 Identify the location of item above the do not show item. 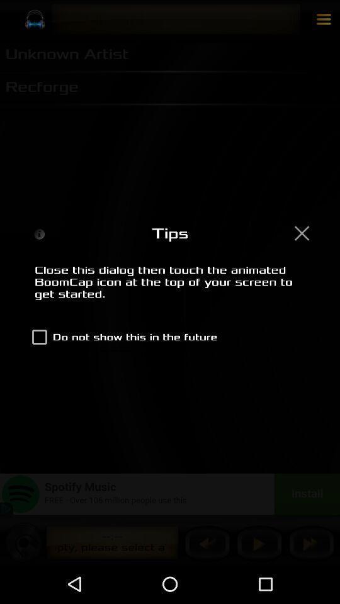
(170, 289).